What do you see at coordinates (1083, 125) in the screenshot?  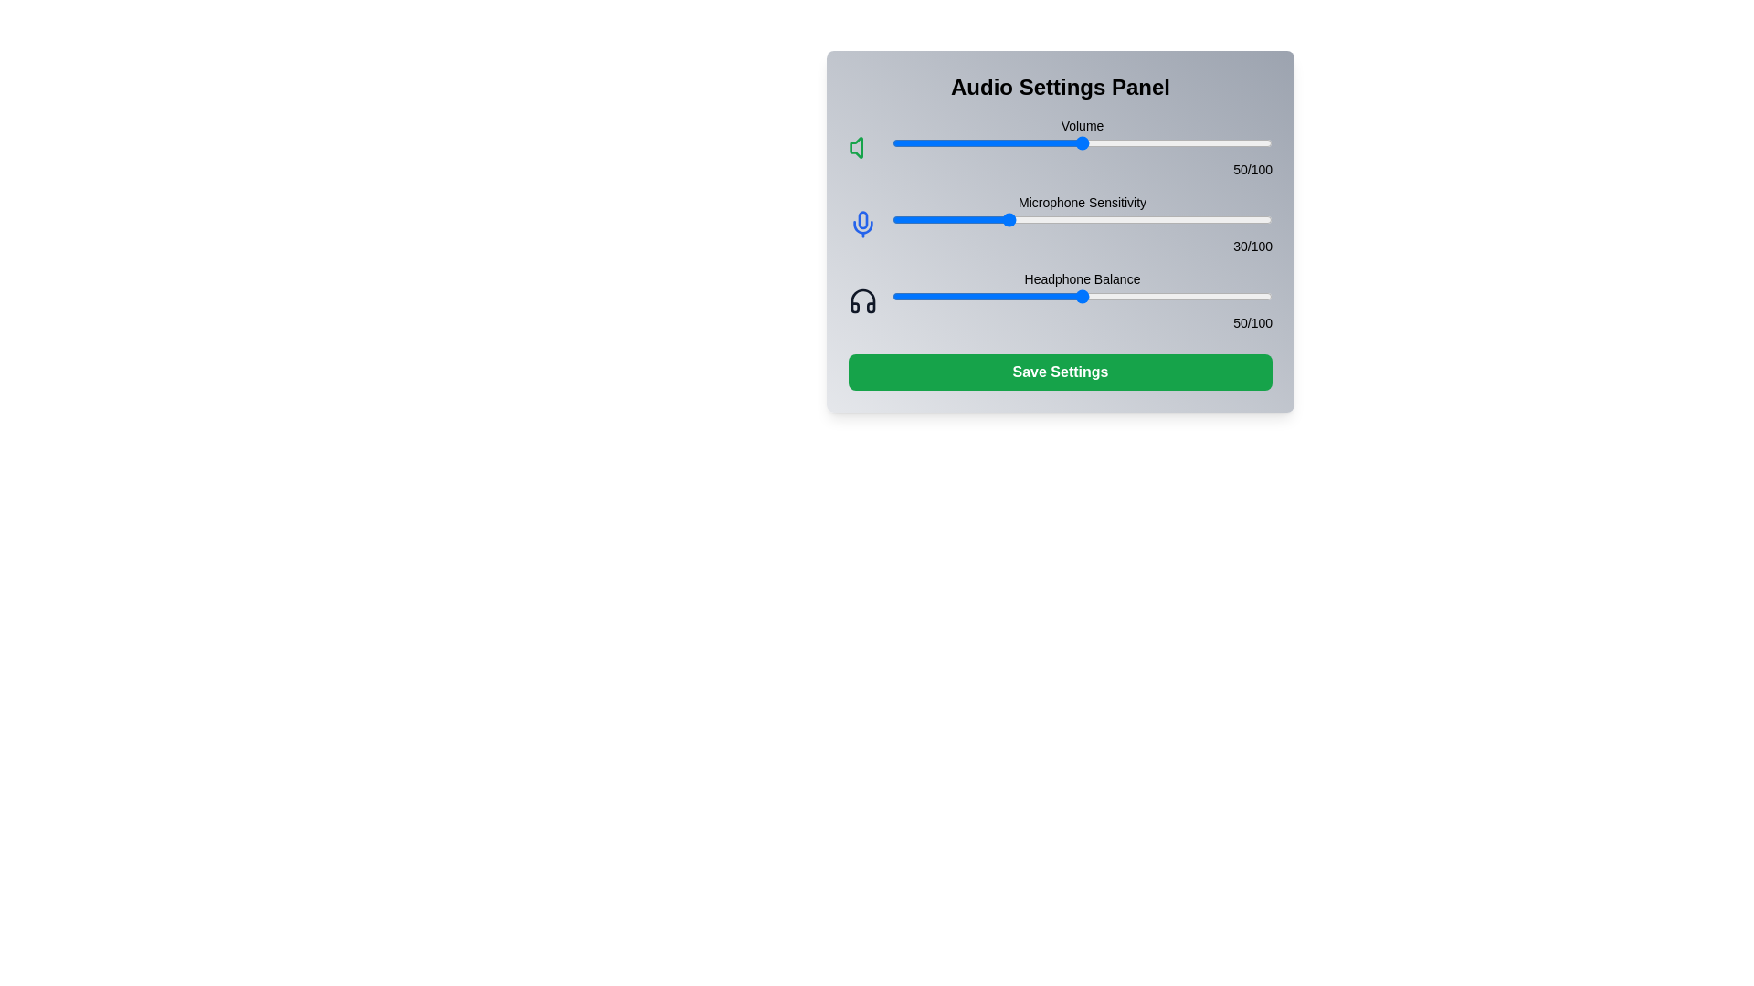 I see `the descriptive label indicating the volume setting, which is located in the top section of the audio settings panel and displays the text '50/100'` at bounding box center [1083, 125].